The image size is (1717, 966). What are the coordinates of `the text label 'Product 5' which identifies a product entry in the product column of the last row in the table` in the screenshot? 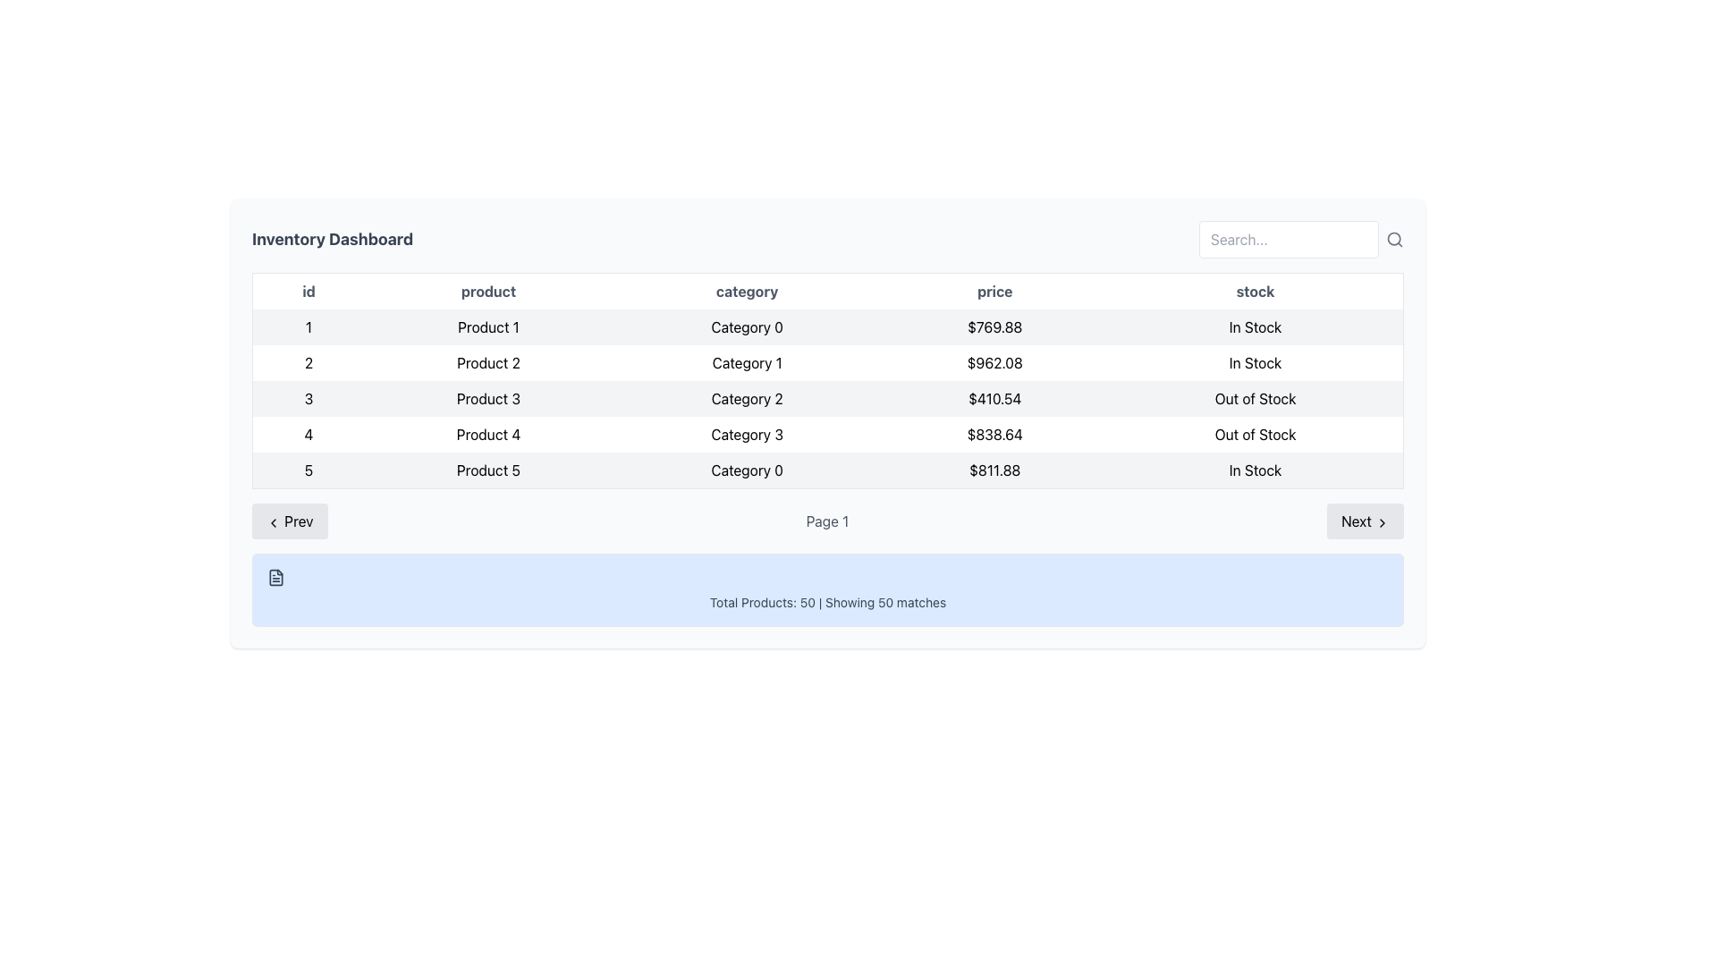 It's located at (488, 470).